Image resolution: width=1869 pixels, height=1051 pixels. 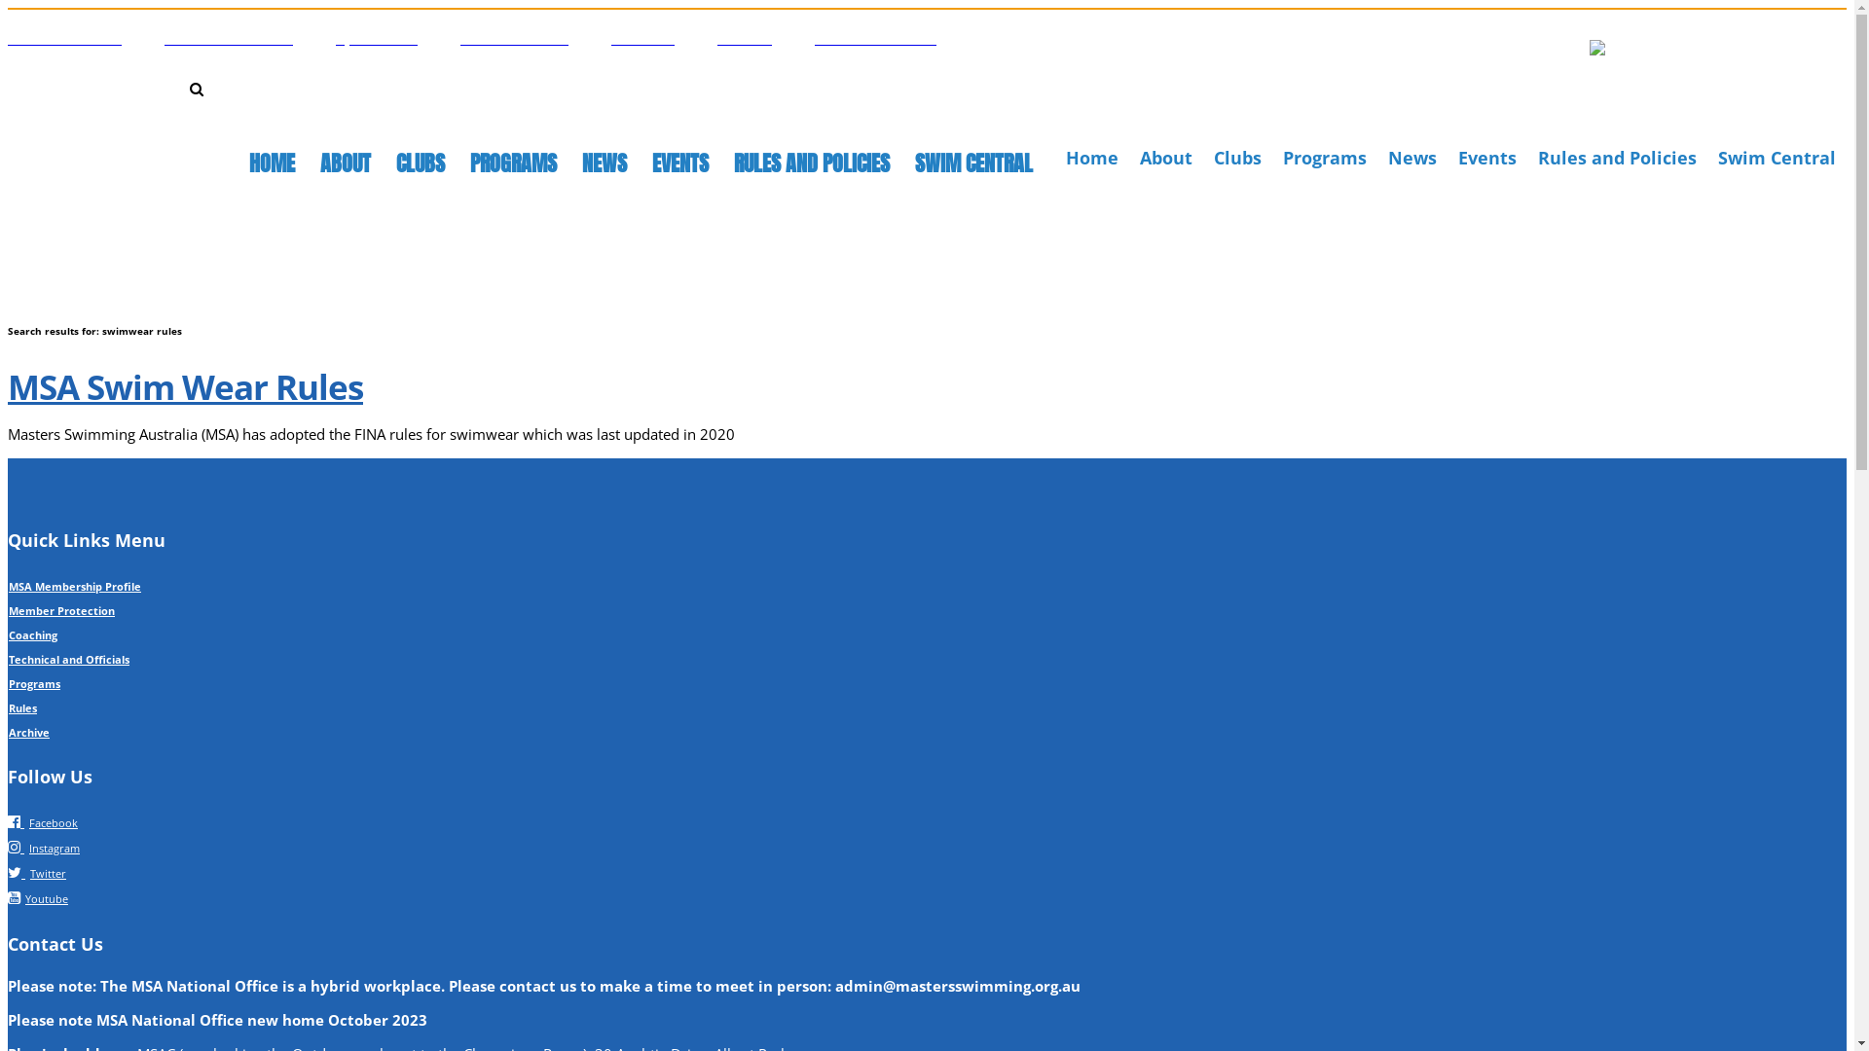 I want to click on 'MSA Swim Wear Rules', so click(x=185, y=386).